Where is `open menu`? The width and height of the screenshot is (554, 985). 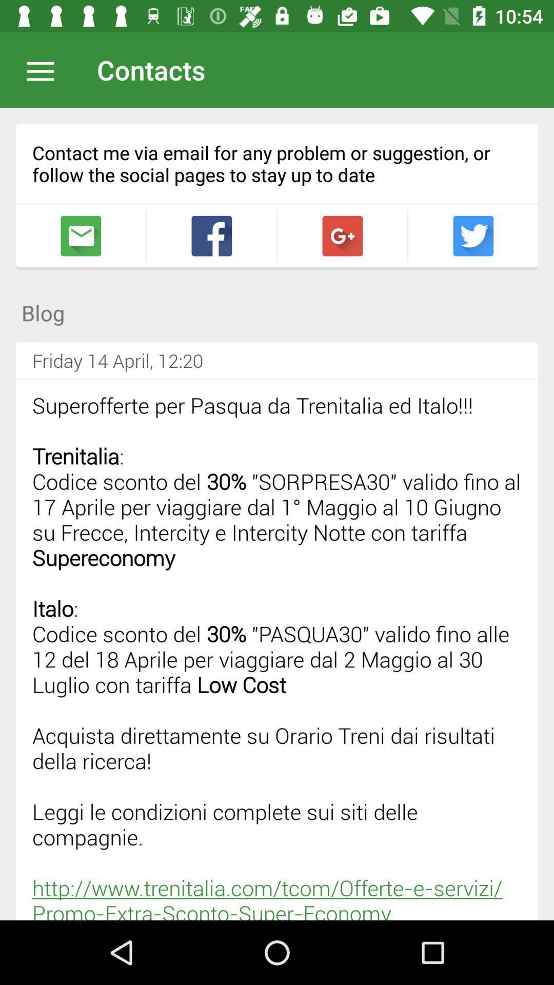 open menu is located at coordinates (45, 69).